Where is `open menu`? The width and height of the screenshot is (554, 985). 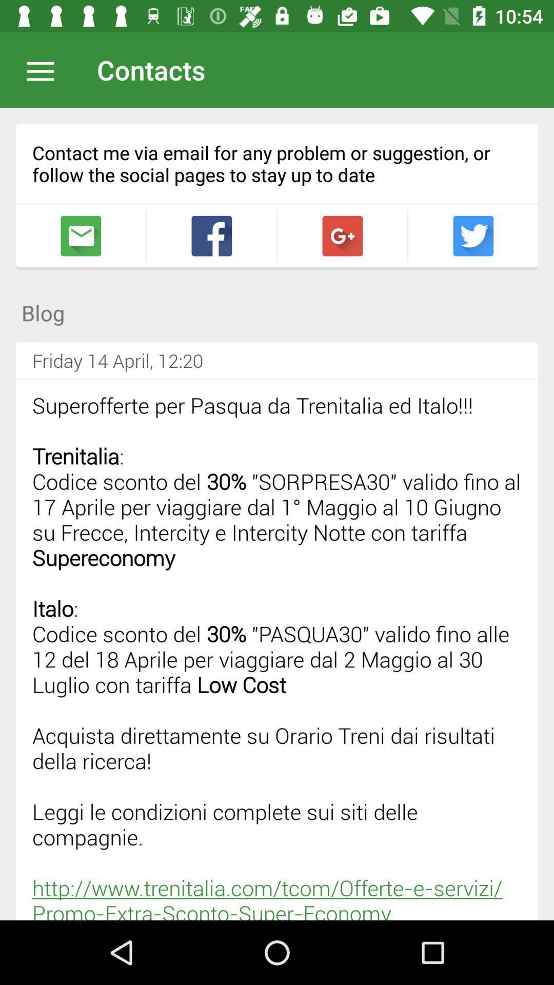 open menu is located at coordinates (45, 69).